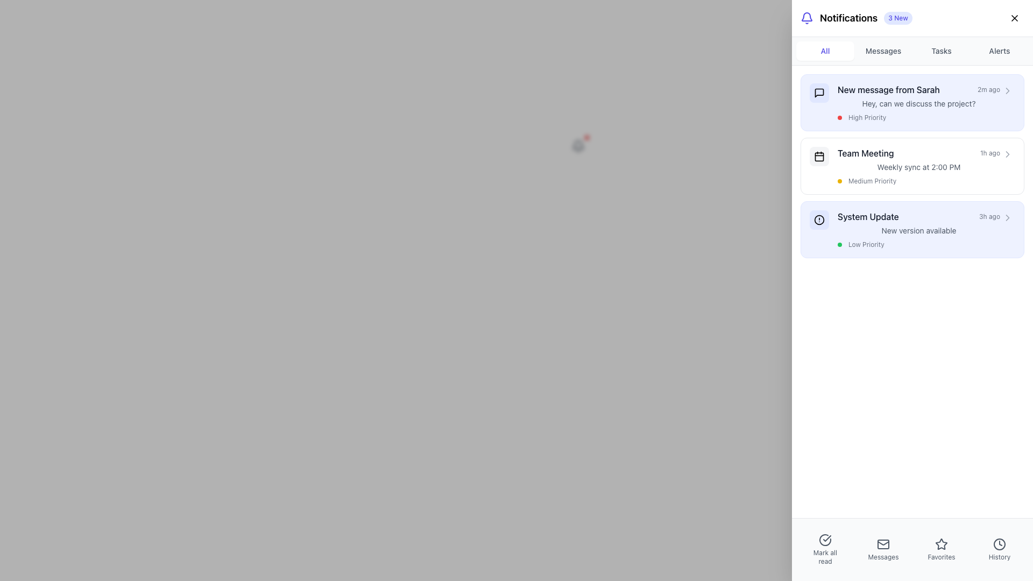  I want to click on the checkmark element of the 'Mark all read' button in the footer area of the notification interface, so click(826, 539).